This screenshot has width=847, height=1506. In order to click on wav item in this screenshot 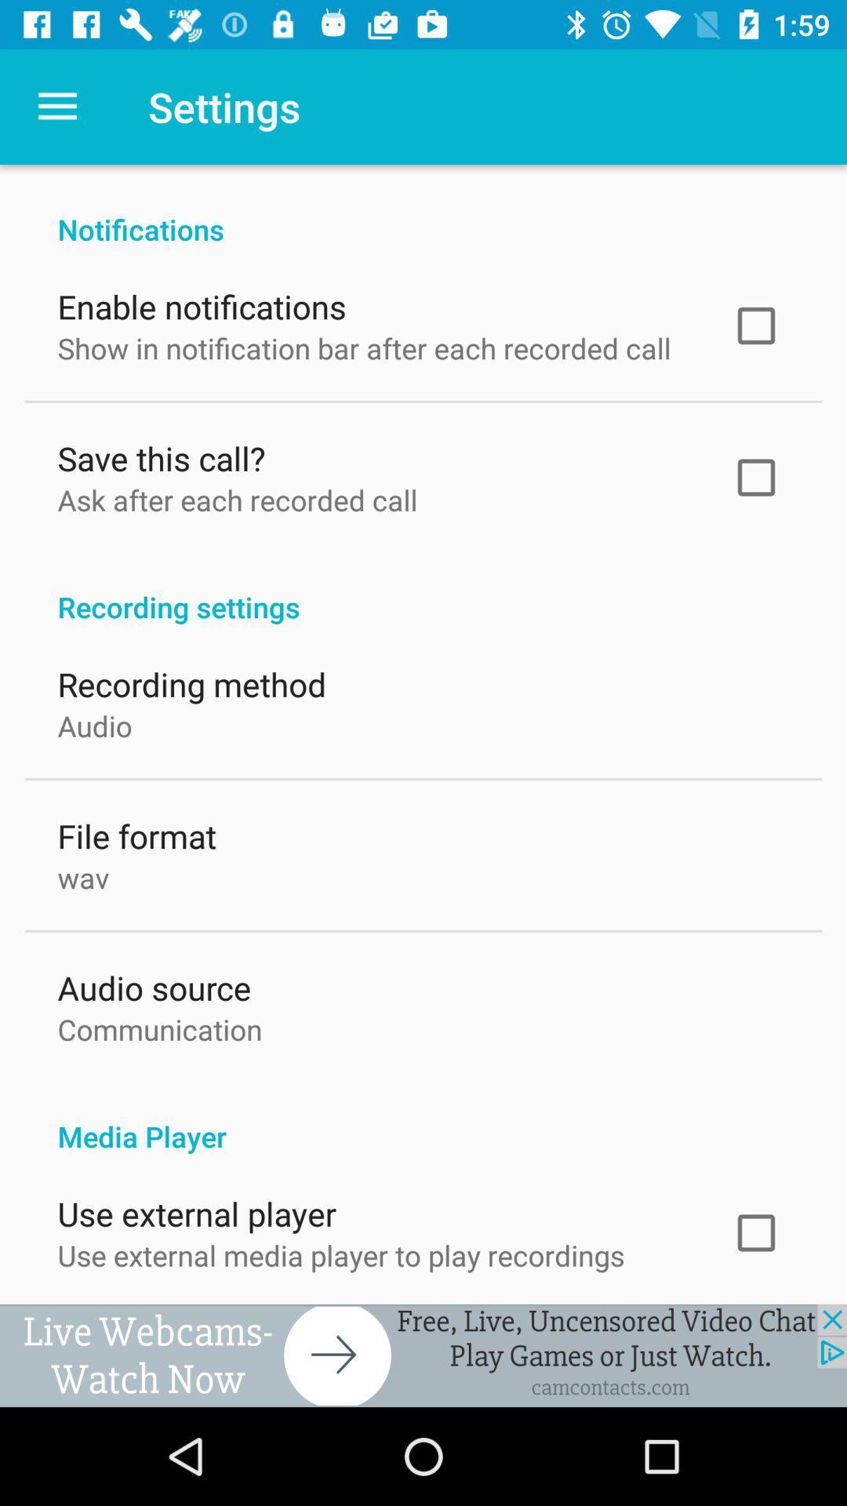, I will do `click(83, 873)`.